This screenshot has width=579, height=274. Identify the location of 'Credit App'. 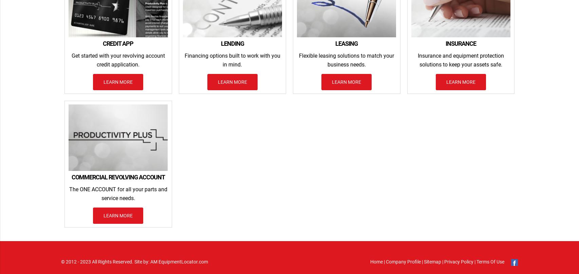
(118, 43).